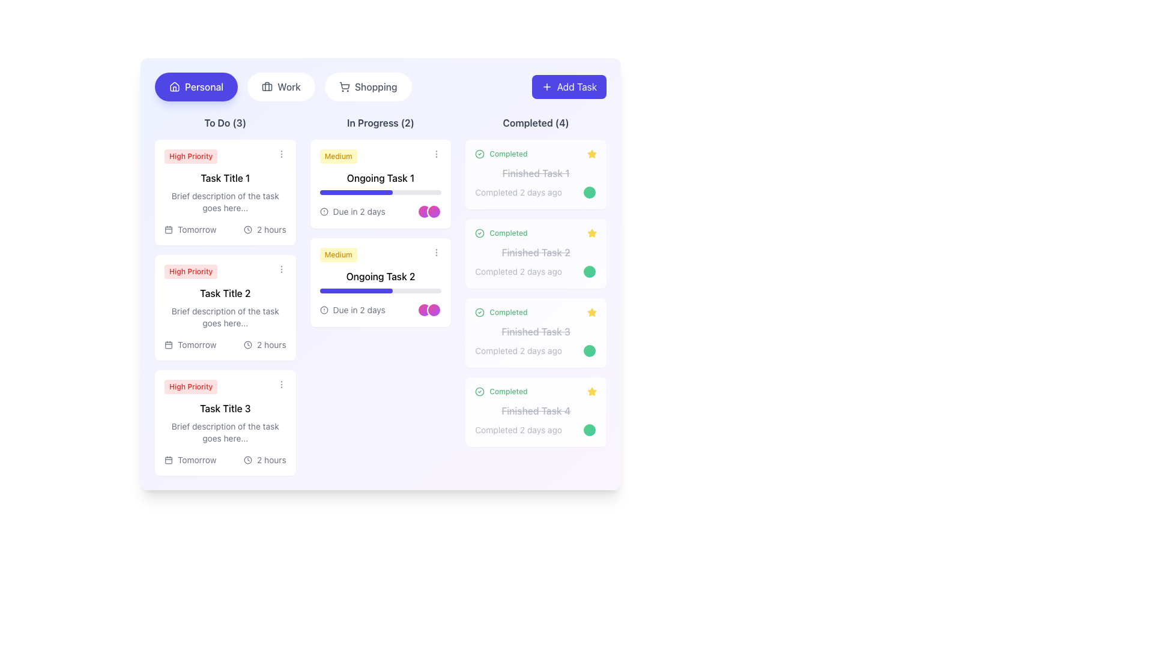  Describe the element at coordinates (479, 233) in the screenshot. I see `the completion status icon located to the left of the 'Completed' text label in the tasks section` at that location.